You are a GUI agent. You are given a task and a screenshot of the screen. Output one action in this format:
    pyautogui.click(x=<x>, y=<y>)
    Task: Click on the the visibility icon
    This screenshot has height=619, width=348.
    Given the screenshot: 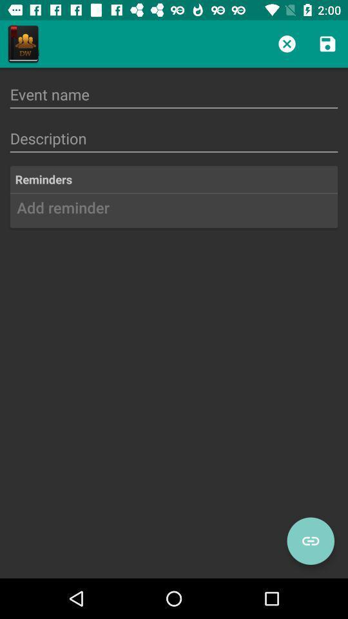 What is the action you would take?
    pyautogui.click(x=310, y=541)
    